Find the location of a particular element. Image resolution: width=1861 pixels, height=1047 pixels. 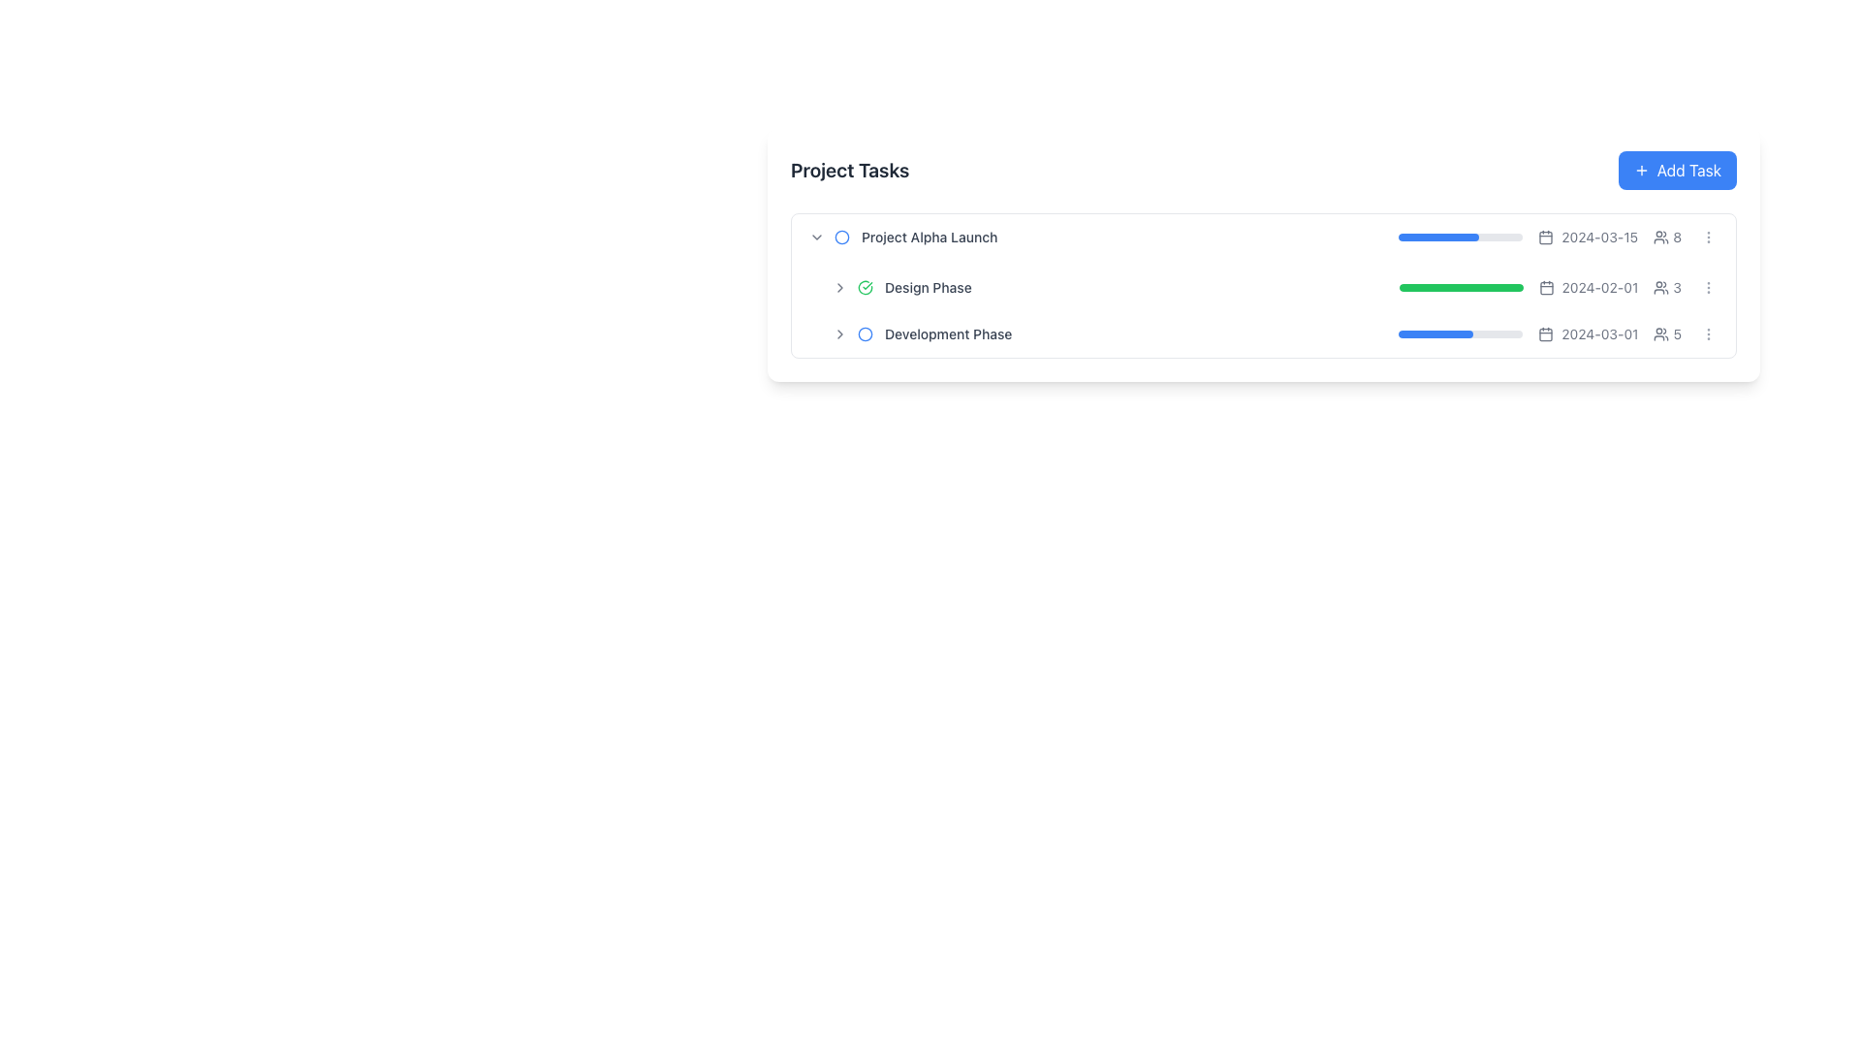

the static text that displays the count of users or collaborators associated with a task, located towards the right side of the task-related row in the interface is located at coordinates (1676, 288).